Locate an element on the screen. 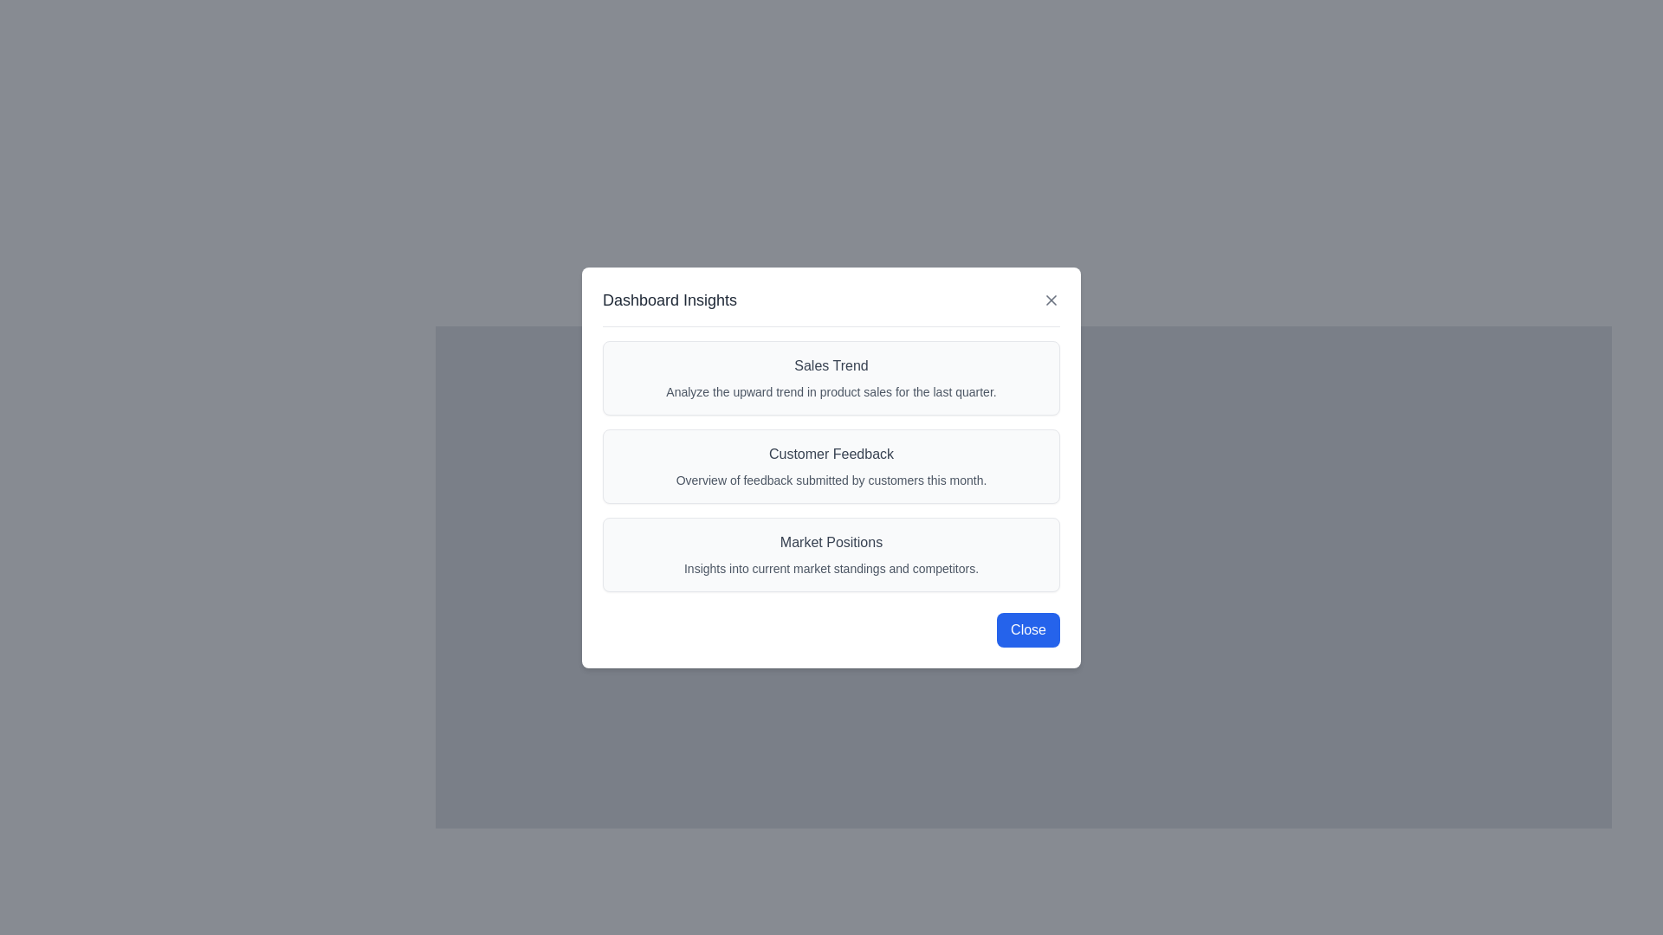 The image size is (1663, 935). the label text that reads 'Overview of feedback submitted by customers this month.', which is styled in a smaller font size and muted gray color, positioned below the 'Customer Feedback' heading is located at coordinates (831, 480).